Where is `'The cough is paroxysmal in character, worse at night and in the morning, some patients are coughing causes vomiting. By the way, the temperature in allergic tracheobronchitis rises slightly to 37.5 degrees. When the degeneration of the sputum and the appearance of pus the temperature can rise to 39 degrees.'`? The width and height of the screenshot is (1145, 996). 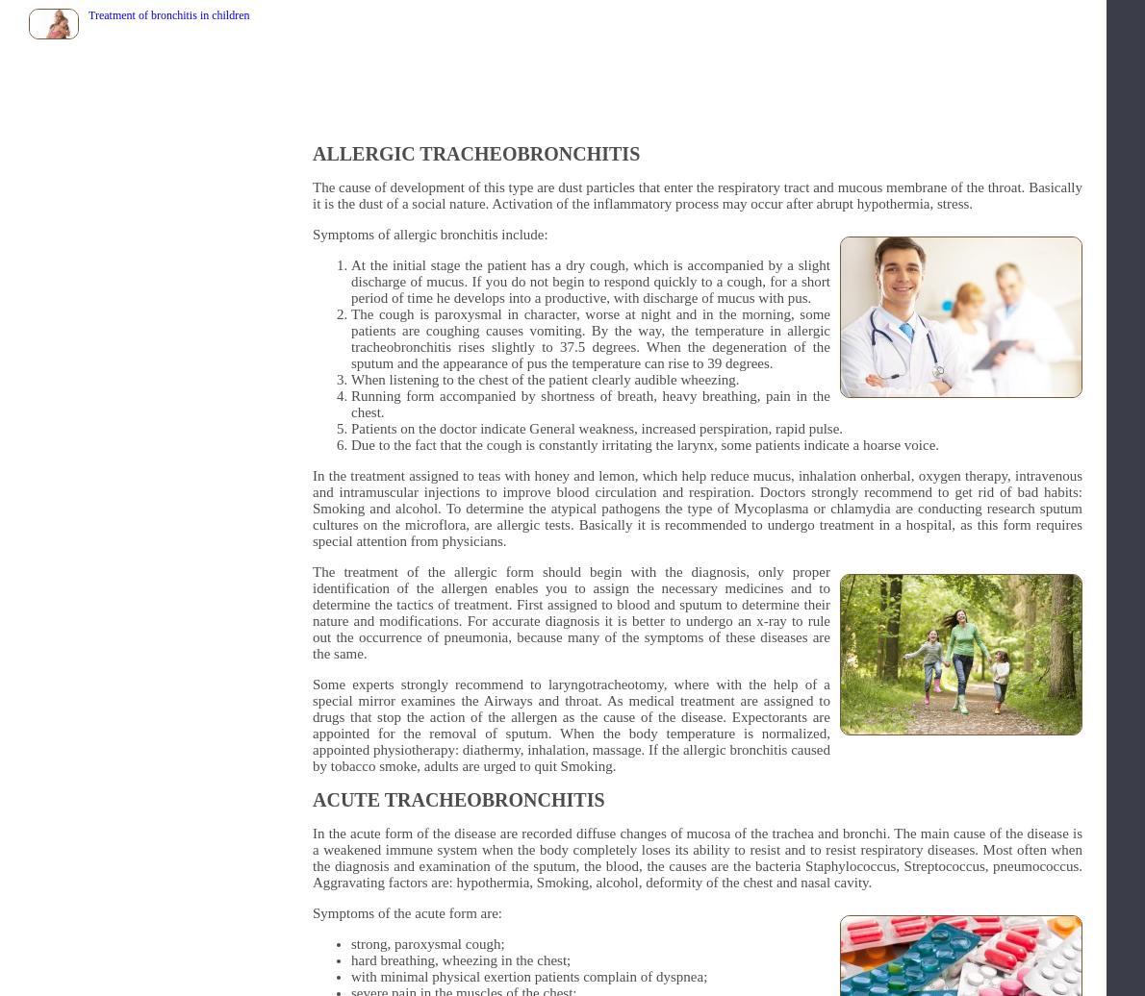
'The cough is paroxysmal in character, worse at night and in the morning, some patients are coughing causes vomiting. By the way, the temperature in allergic tracheobronchitis rises slightly to 37.5 degrees. When the degeneration of the sputum and the appearance of pus the temperature can rise to 39 degrees.' is located at coordinates (590, 338).